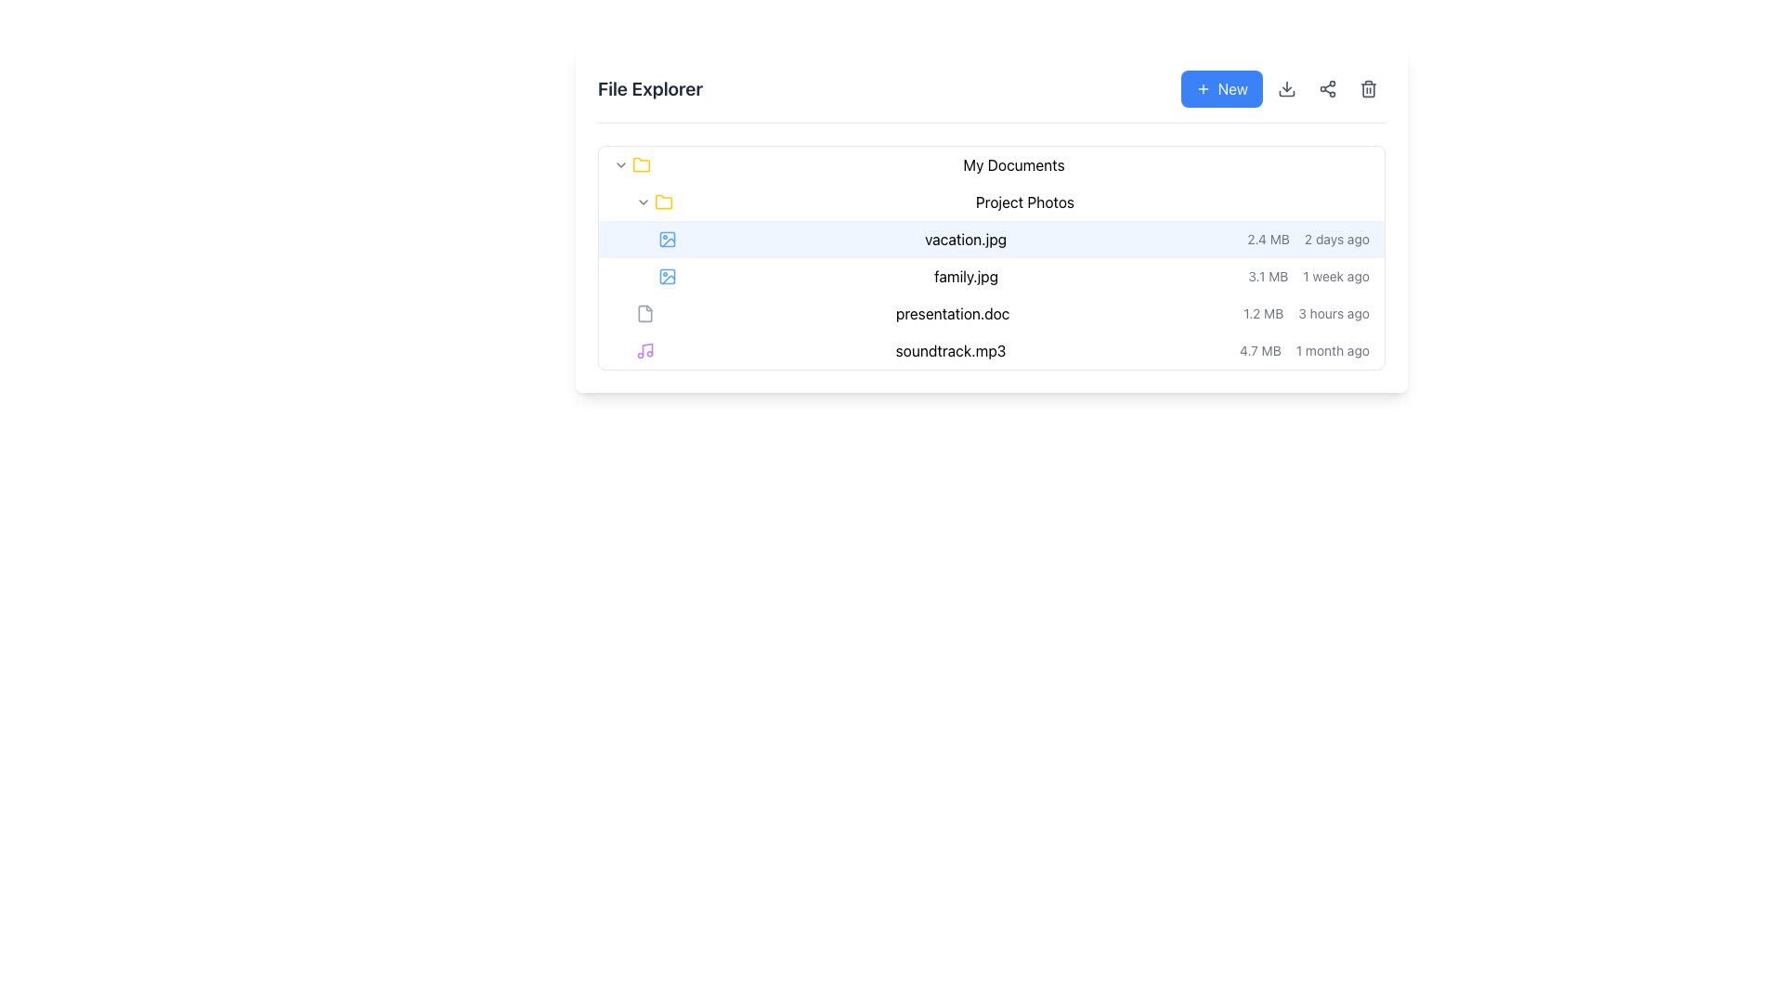  I want to click on the image file icon representing 'family.jpg', which is the first visual element in the entry row, so click(668, 276).